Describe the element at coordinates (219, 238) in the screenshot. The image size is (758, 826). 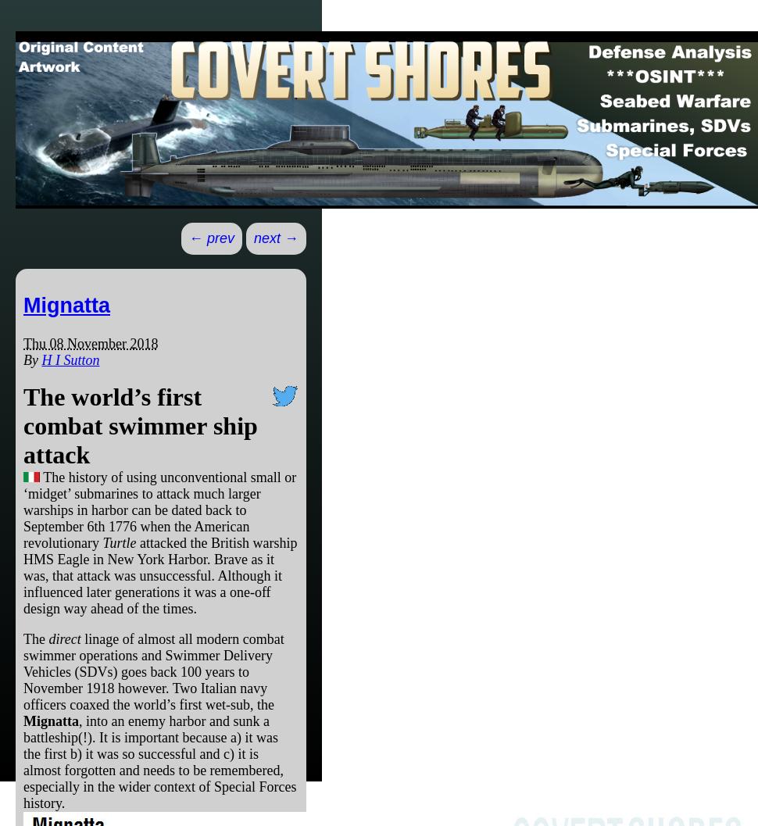
I see `'prev'` at that location.